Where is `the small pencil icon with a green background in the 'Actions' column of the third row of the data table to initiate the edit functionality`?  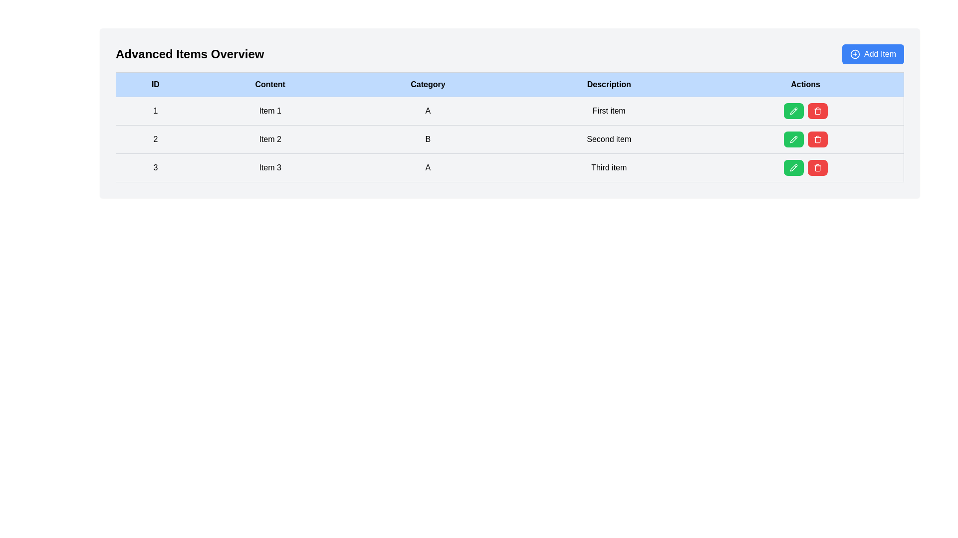 the small pencil icon with a green background in the 'Actions' column of the third row of the data table to initiate the edit functionality is located at coordinates (793, 167).